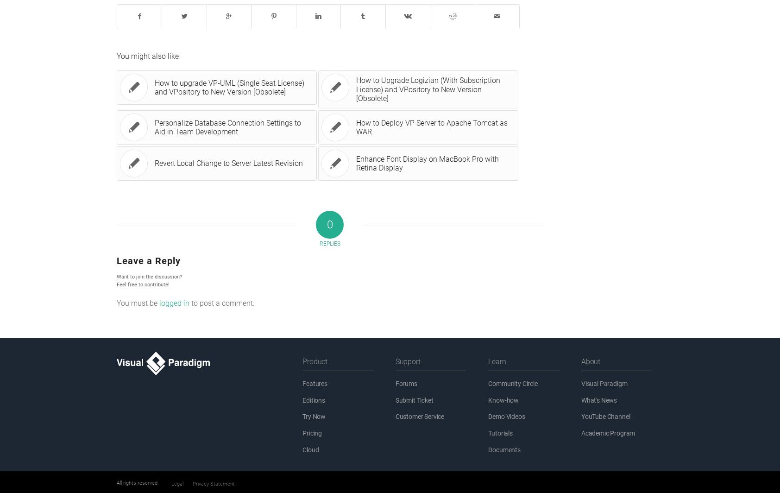  Describe the element at coordinates (607, 433) in the screenshot. I see `'Academic Program'` at that location.